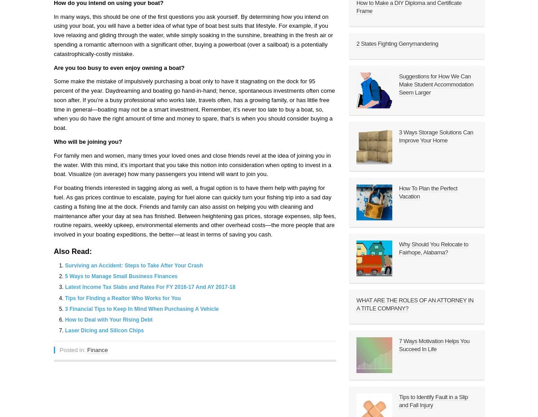 The width and height of the screenshot is (538, 417). What do you see at coordinates (133, 265) in the screenshot?
I see `'Surviving an Accident: Steps to Take After Your Crash'` at bounding box center [133, 265].